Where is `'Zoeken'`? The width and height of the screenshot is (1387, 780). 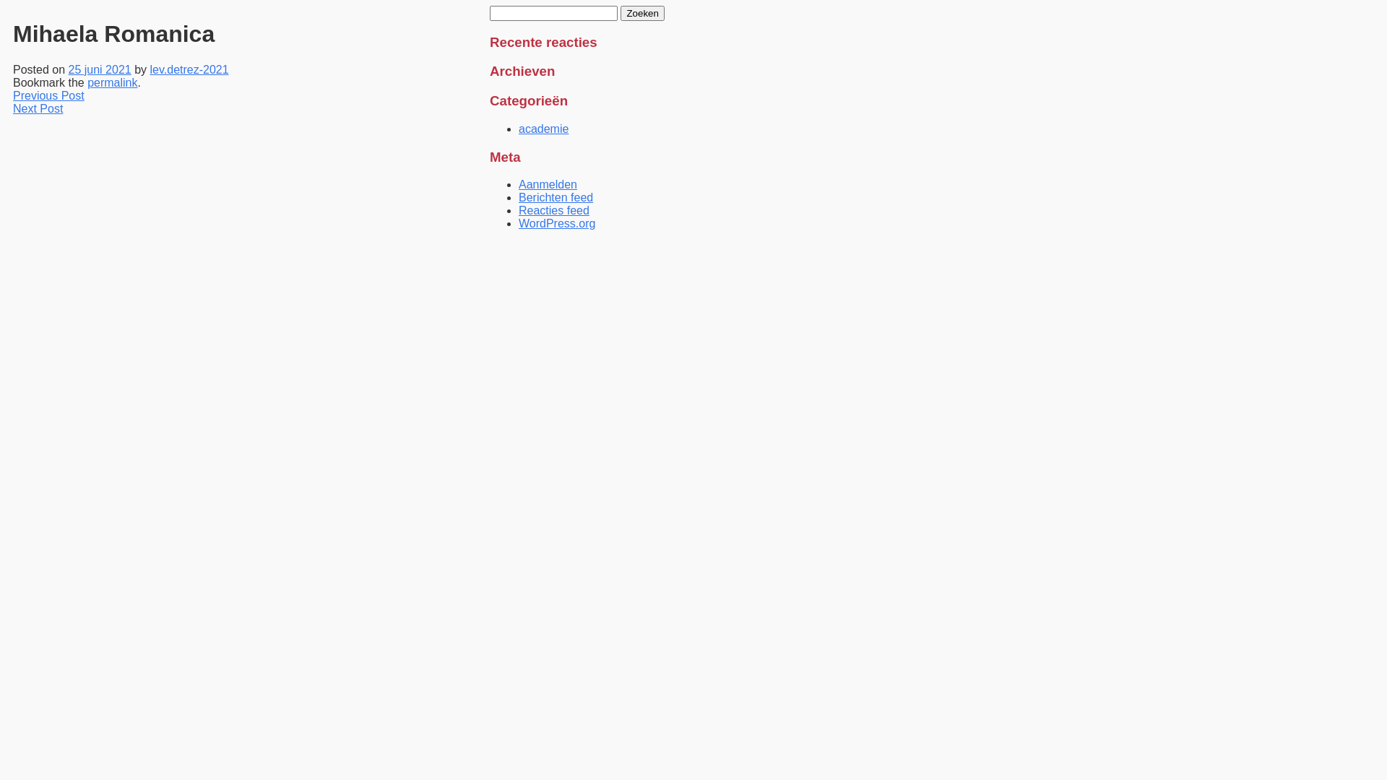
'Zoeken' is located at coordinates (621, 13).